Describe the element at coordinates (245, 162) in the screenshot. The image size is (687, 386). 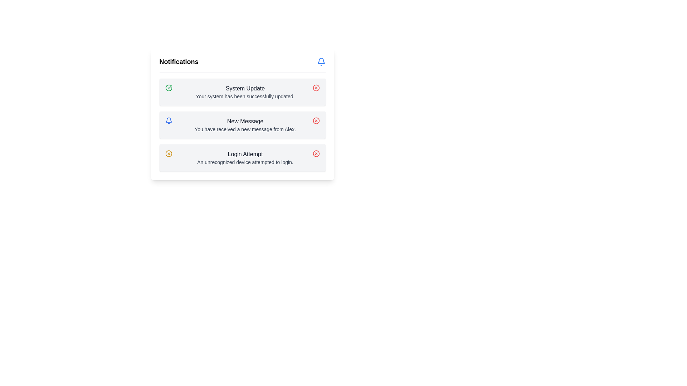
I see `the text block displaying the message 'An unrecognized device attempted to login.' which is located below the 'Login Attempt' header in the third notification card of the 'Notifications' panel` at that location.